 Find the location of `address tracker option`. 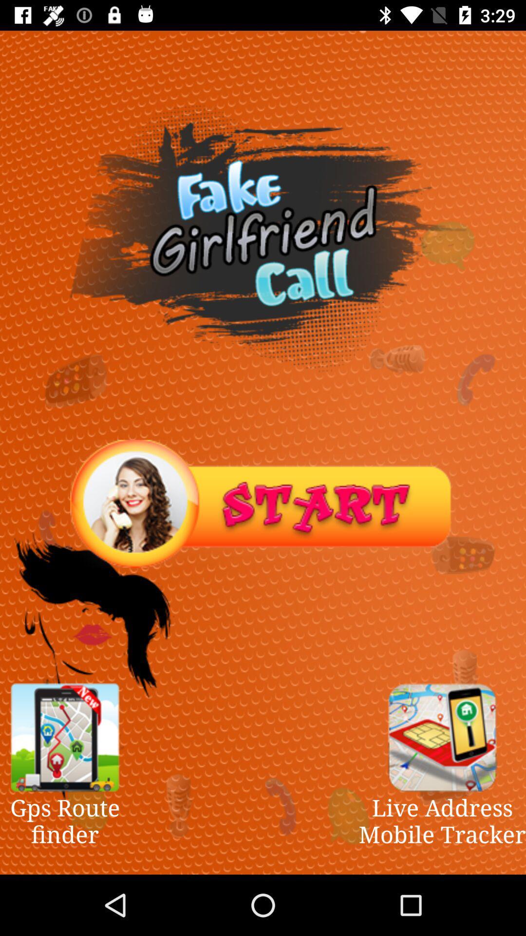

address tracker option is located at coordinates (442, 737).